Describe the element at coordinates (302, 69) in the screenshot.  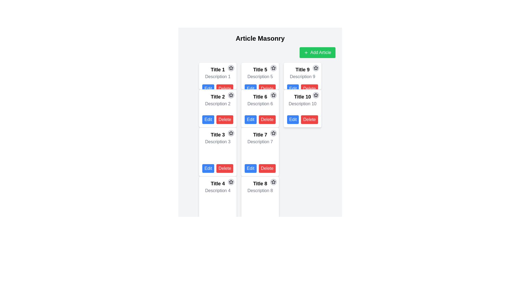
I see `the text label displaying 'Title 9', which is a bold, large font element positioned at the top of the card layout in the 4th column and 2nd row of the grid` at that location.